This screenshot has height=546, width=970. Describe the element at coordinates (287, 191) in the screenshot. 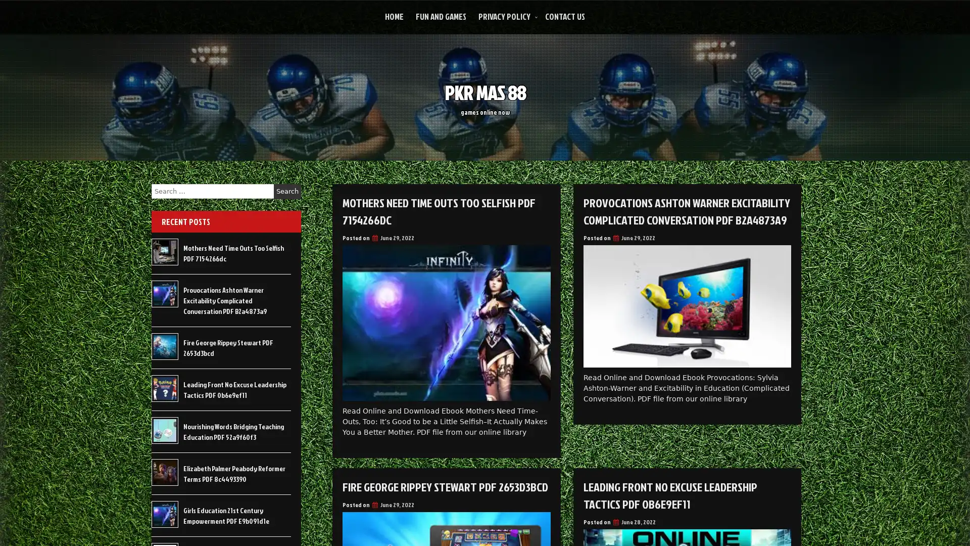

I see `Search` at that location.